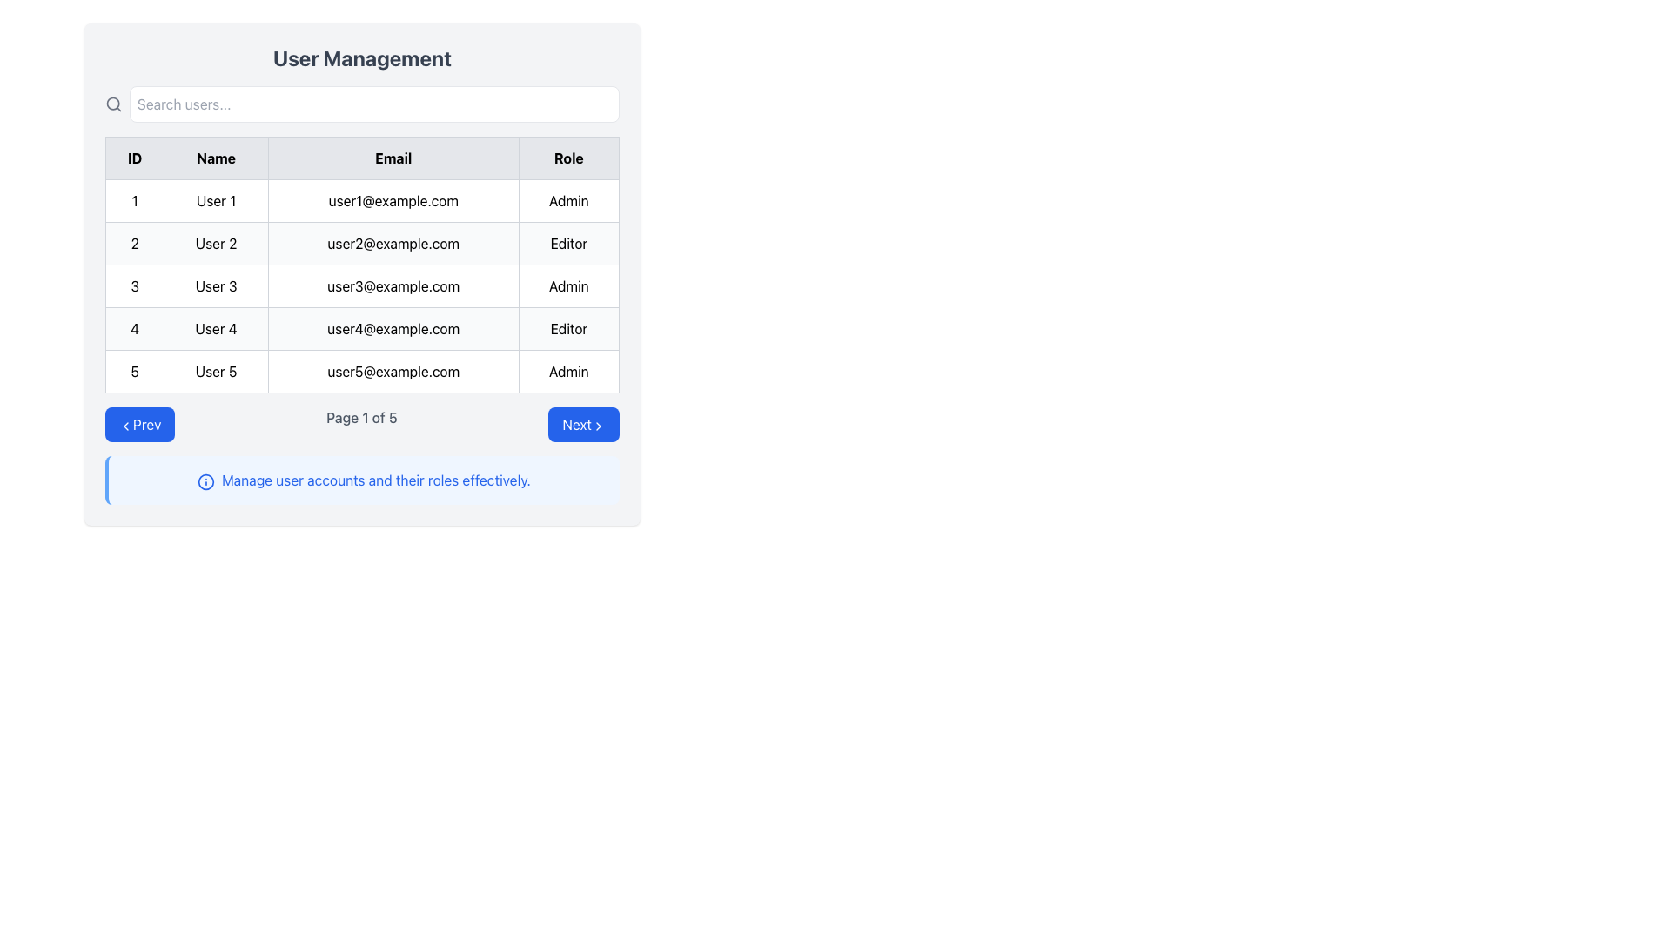 This screenshot has height=940, width=1671. I want to click on static text label indicating the role assigned to 'User 2' in the 'Role' column, so click(568, 244).